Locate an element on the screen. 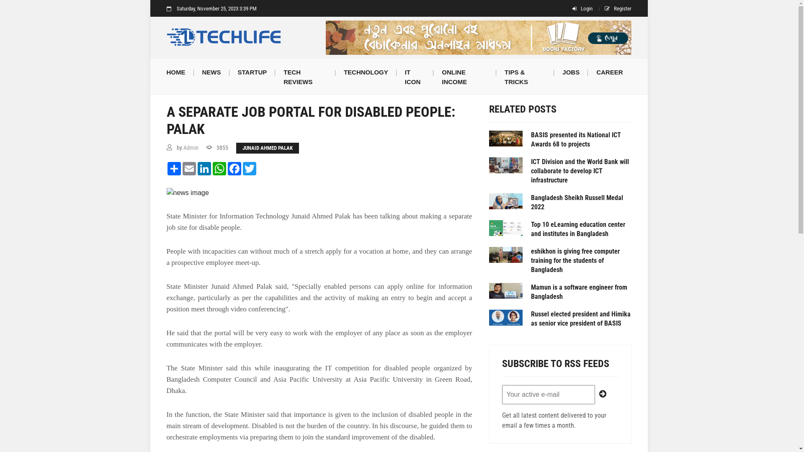 The image size is (804, 452). 'Login' is located at coordinates (582, 8).